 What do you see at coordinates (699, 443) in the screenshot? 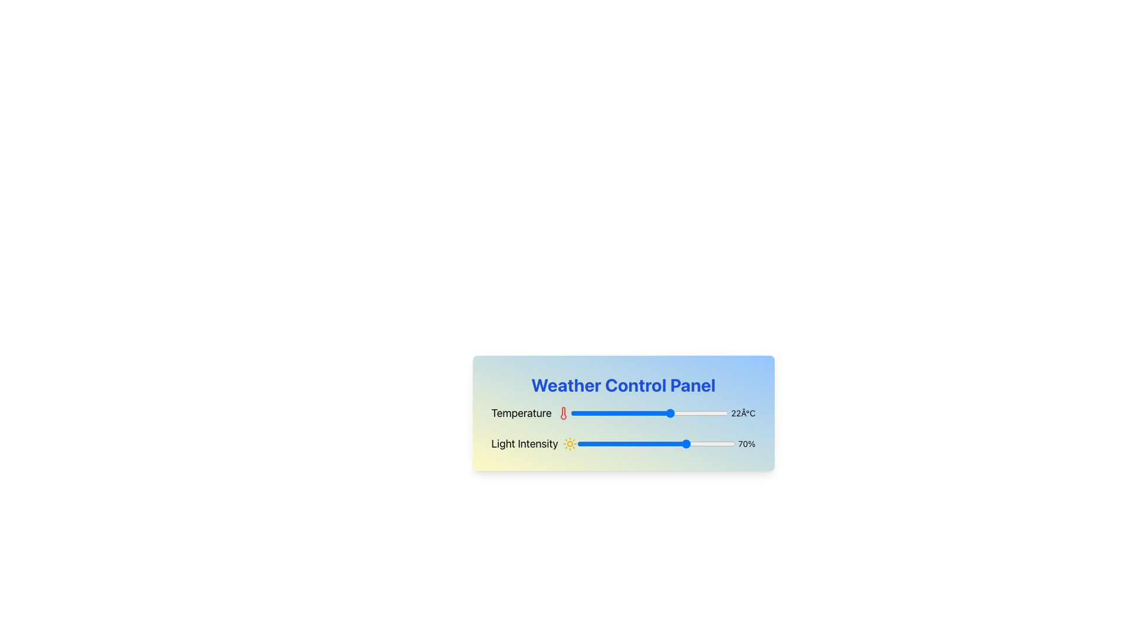
I see `light intensity` at bounding box center [699, 443].